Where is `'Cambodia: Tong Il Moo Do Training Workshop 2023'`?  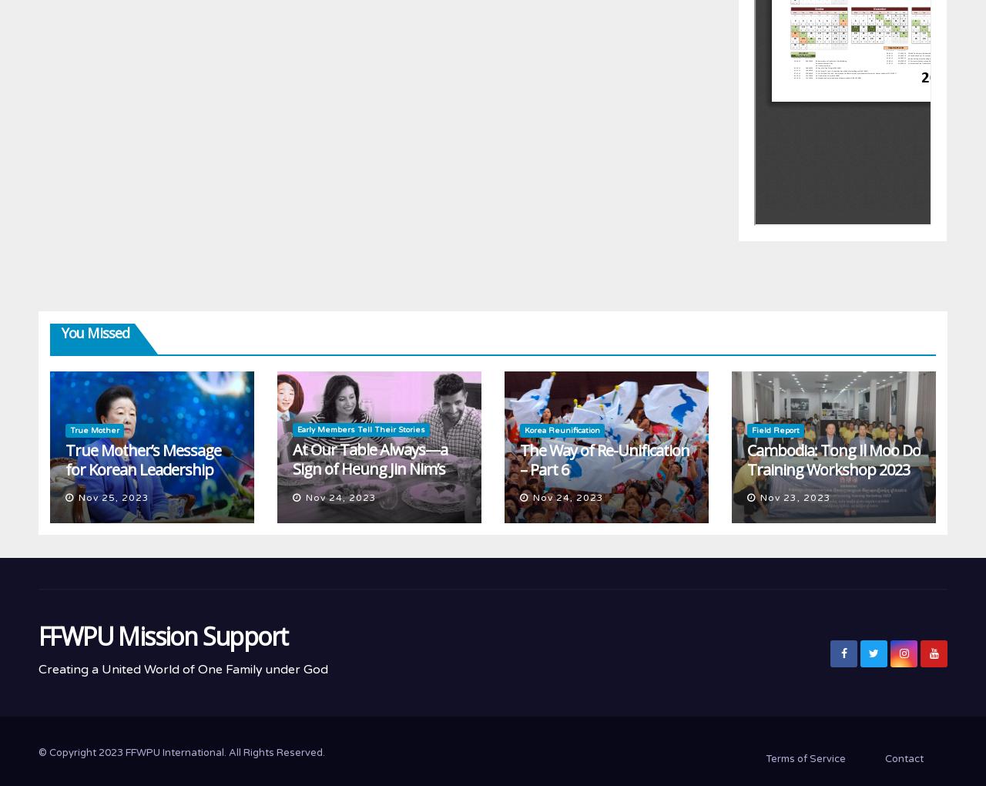 'Cambodia: Tong Il Moo Do Training Workshop 2023' is located at coordinates (833, 459).